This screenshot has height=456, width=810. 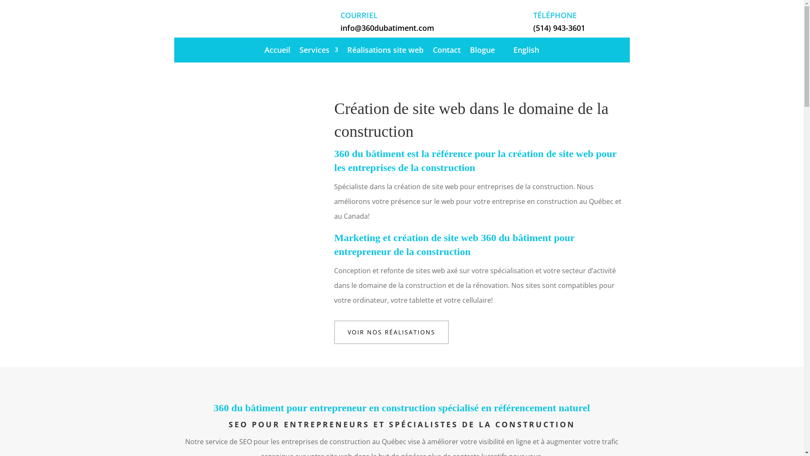 I want to click on 'Blogue', so click(x=482, y=52).